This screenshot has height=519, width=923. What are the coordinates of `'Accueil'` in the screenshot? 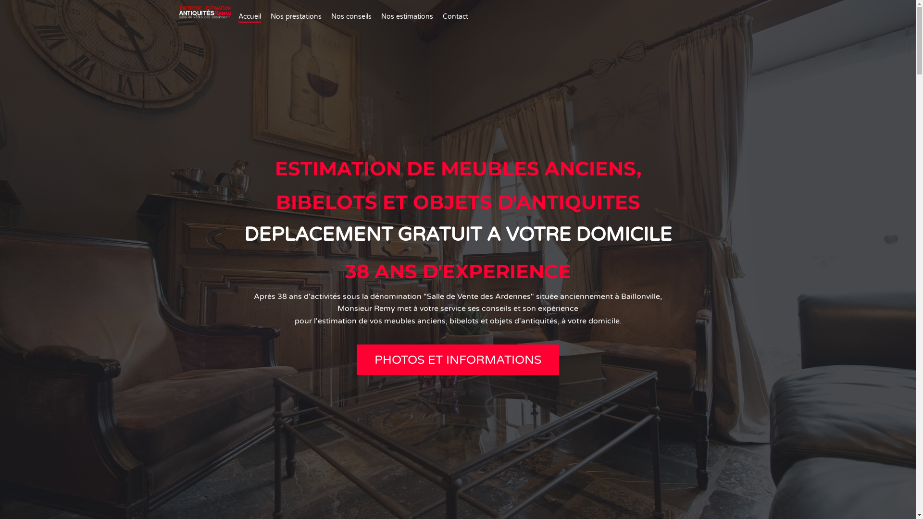 It's located at (249, 17).